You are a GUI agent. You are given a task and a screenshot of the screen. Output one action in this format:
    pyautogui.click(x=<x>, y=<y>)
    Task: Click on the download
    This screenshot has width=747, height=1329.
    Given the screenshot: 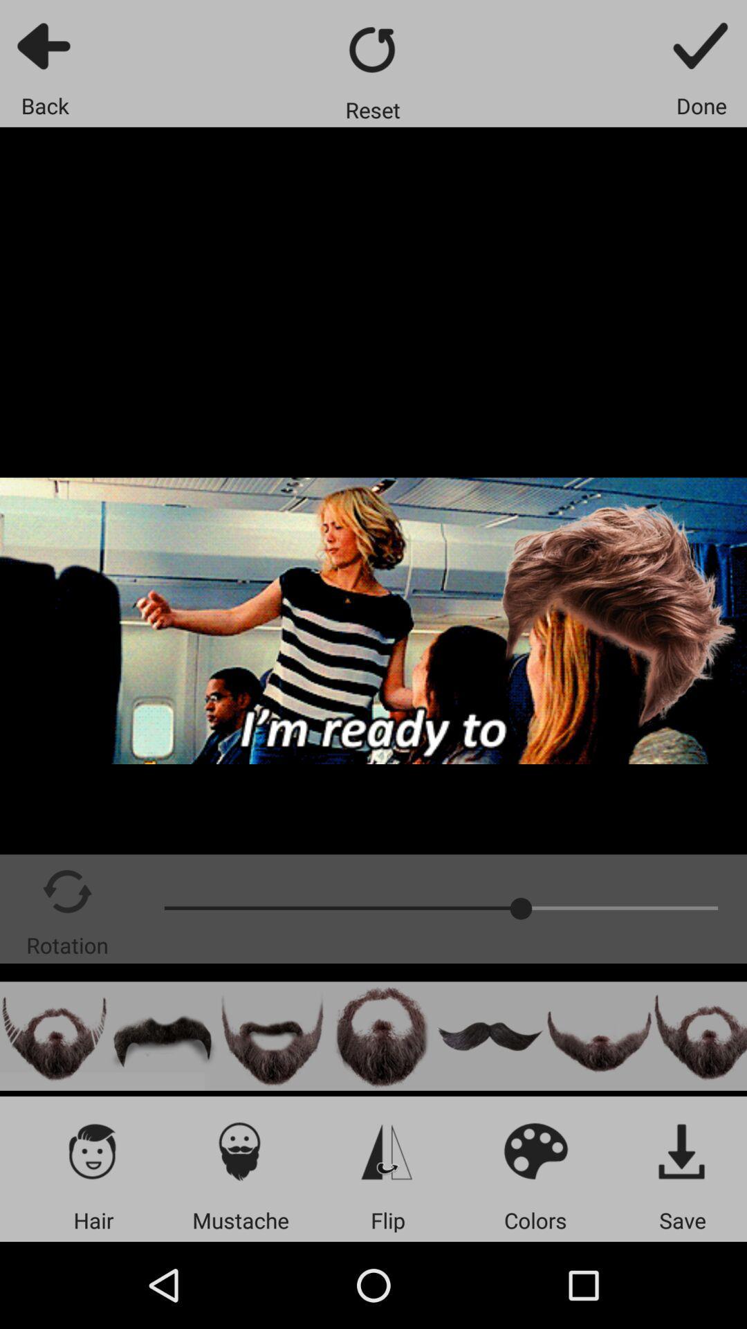 What is the action you would take?
    pyautogui.click(x=682, y=1150)
    